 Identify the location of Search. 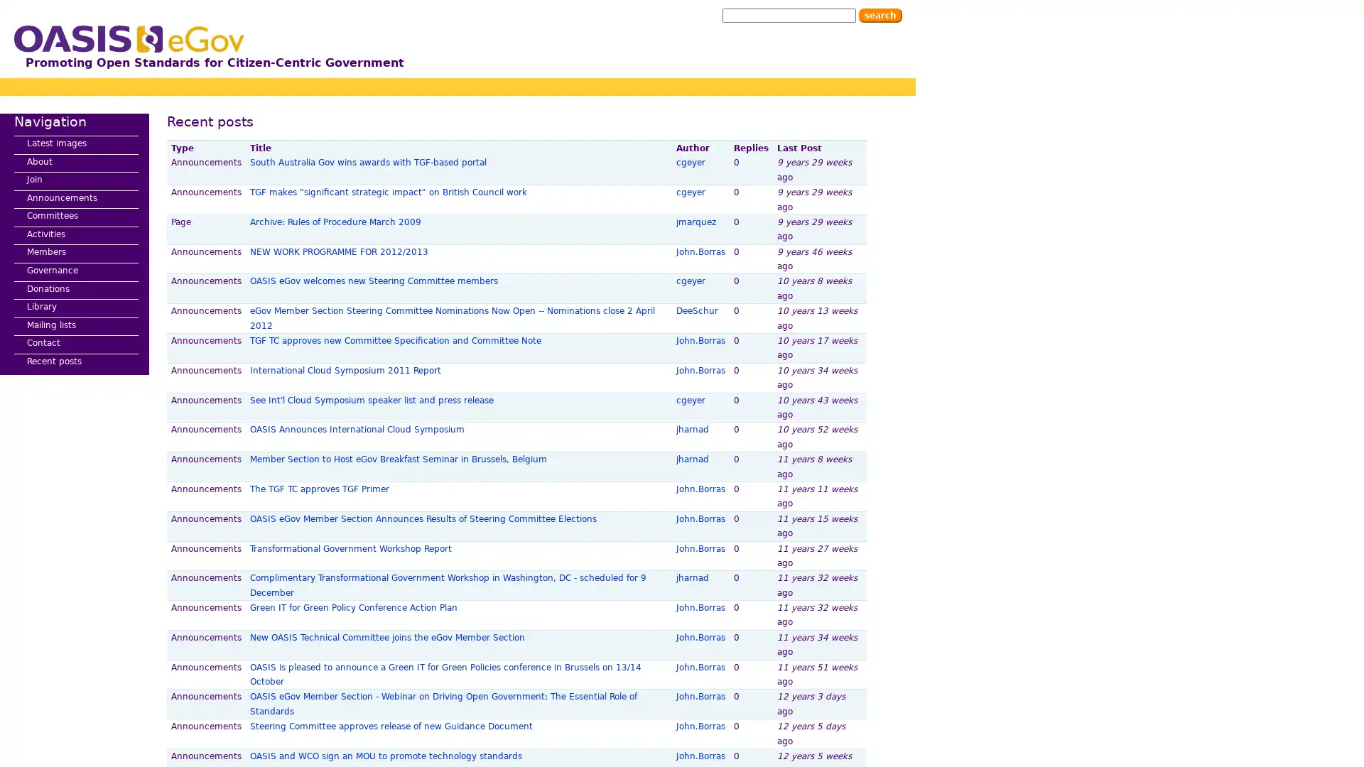
(879, 16).